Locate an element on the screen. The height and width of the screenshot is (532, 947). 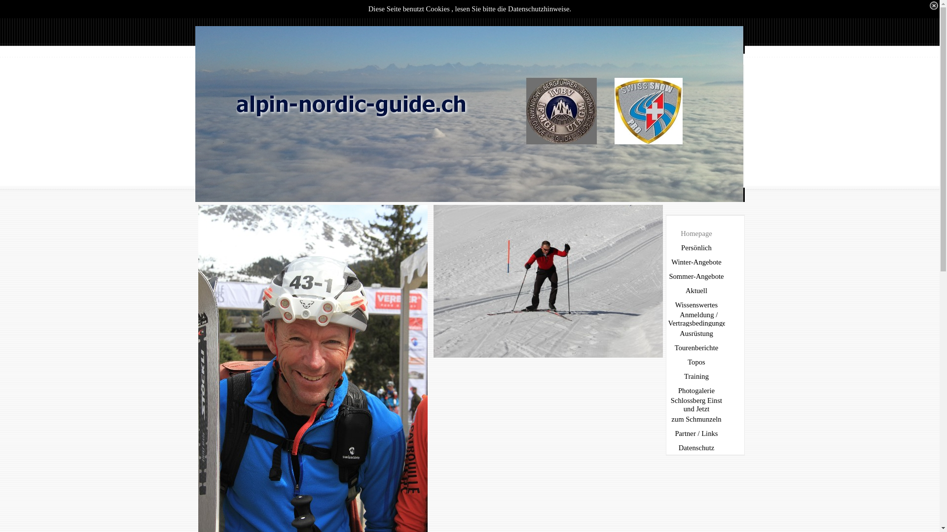
'Photogalerie' is located at coordinates (697, 390).